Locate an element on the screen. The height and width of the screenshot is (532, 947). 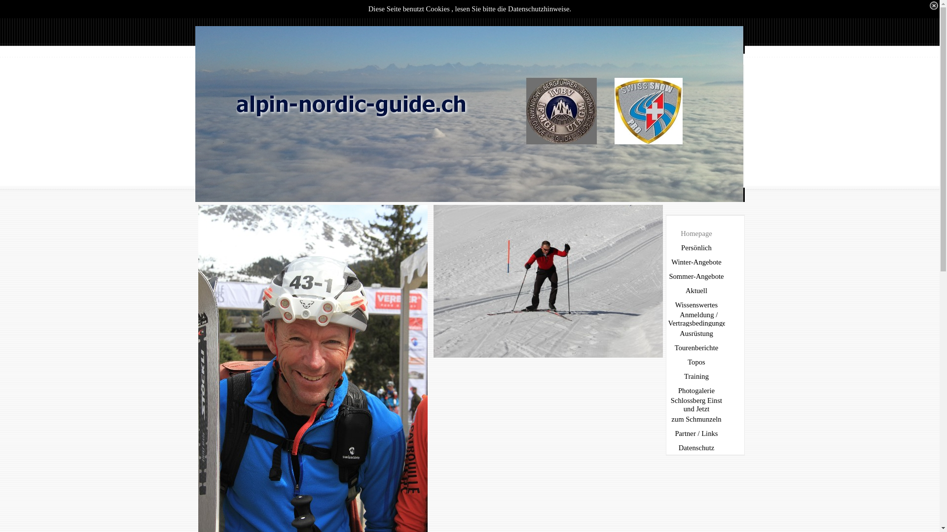
'Photogalerie' is located at coordinates (697, 390).